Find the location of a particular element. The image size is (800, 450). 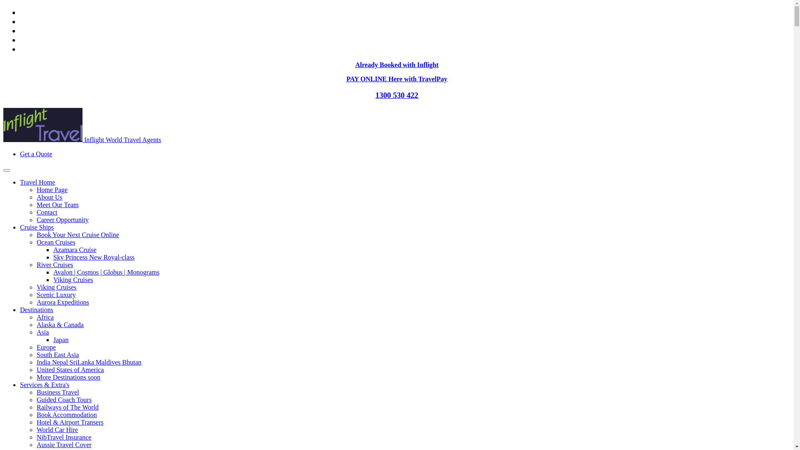

'Contact' is located at coordinates (36, 212).